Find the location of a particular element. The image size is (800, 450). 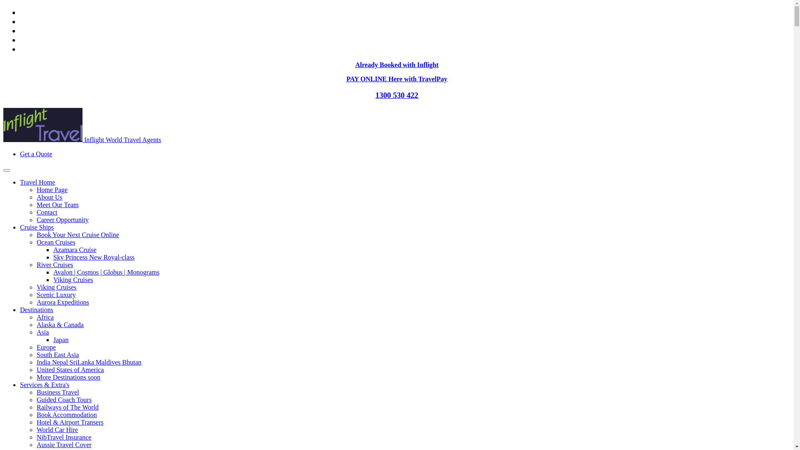

'Contact' is located at coordinates (36, 212).